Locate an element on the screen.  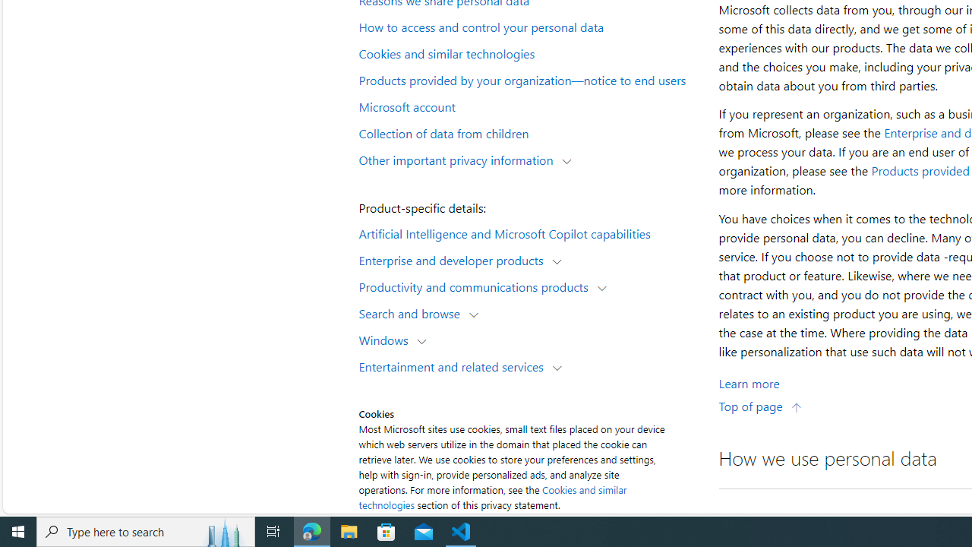
'Entertainment and related services' is located at coordinates (454, 366).